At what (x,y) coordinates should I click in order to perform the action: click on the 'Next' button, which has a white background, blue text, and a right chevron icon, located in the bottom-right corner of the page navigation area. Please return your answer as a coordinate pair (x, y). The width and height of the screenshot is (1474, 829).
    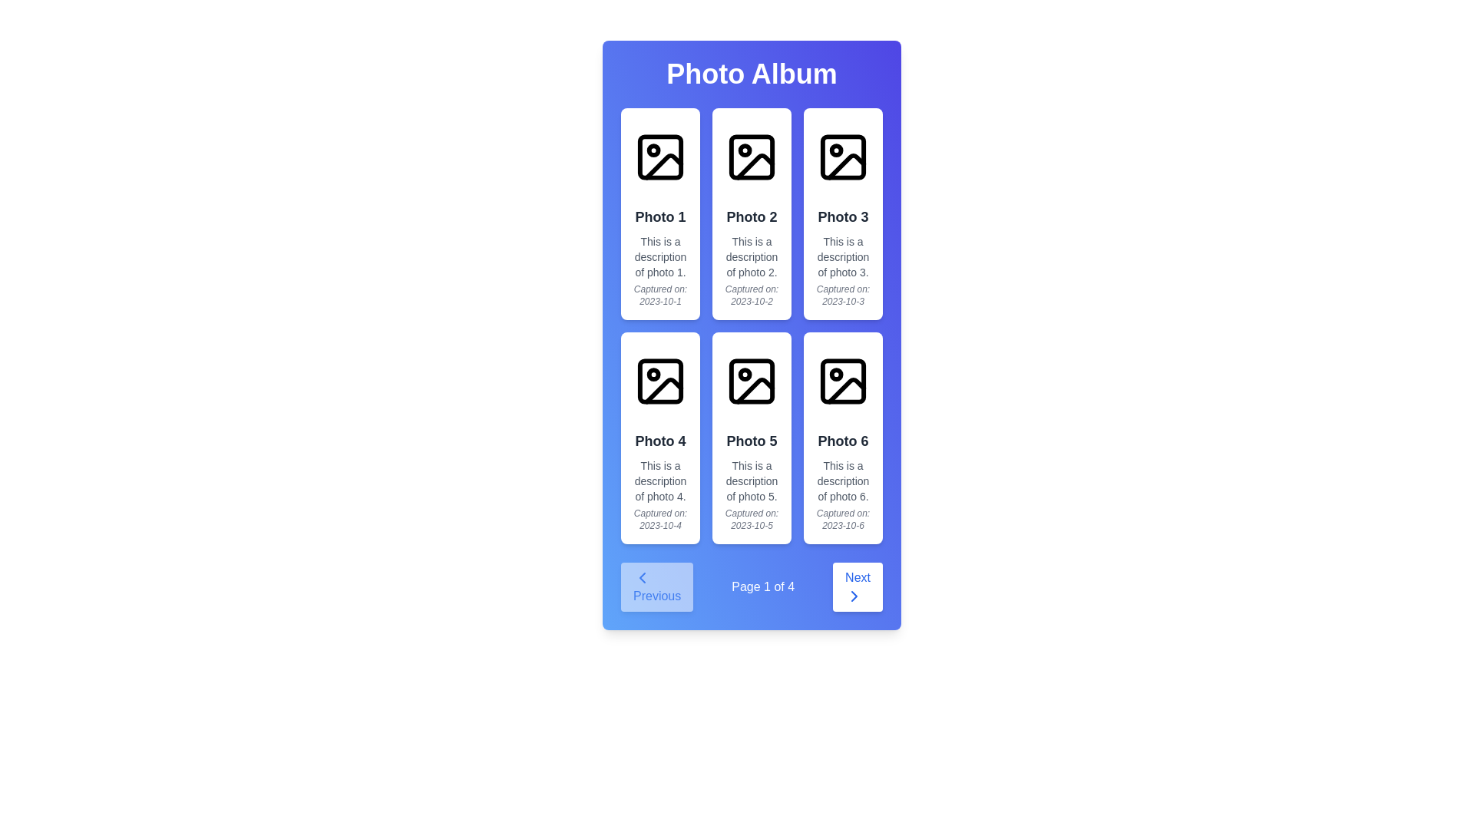
    Looking at the image, I should click on (857, 586).